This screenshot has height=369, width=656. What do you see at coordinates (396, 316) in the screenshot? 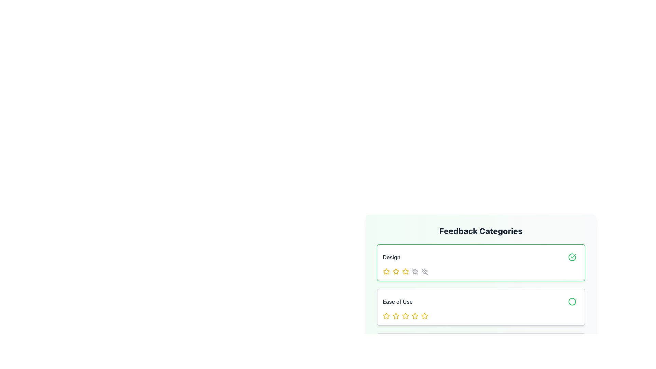
I see `the first yellow star icon in the 'Ease of Use' rating component` at bounding box center [396, 316].